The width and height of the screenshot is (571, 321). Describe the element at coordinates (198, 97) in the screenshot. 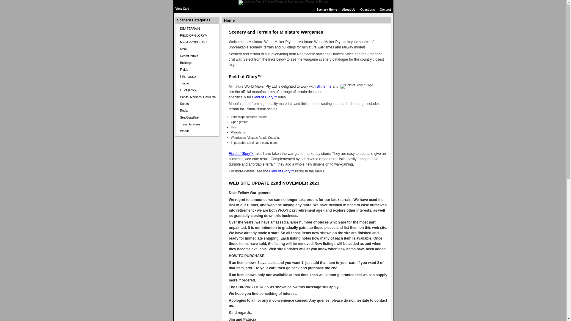

I see `'Ponds, Marshes, Oasis etc.'` at that location.